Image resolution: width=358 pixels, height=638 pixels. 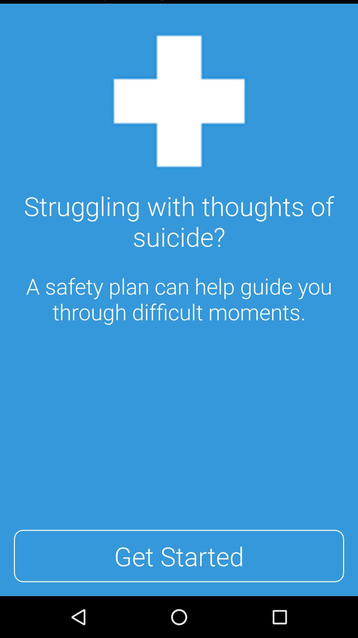 I want to click on item below the a safety plan icon, so click(x=179, y=556).